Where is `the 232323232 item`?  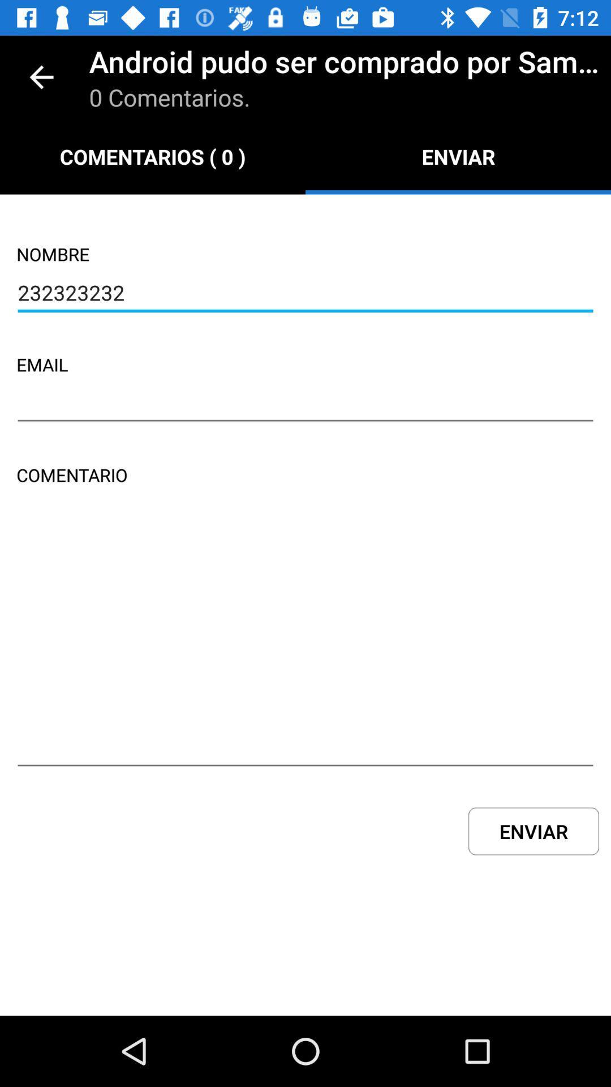 the 232323232 item is located at coordinates (305, 294).